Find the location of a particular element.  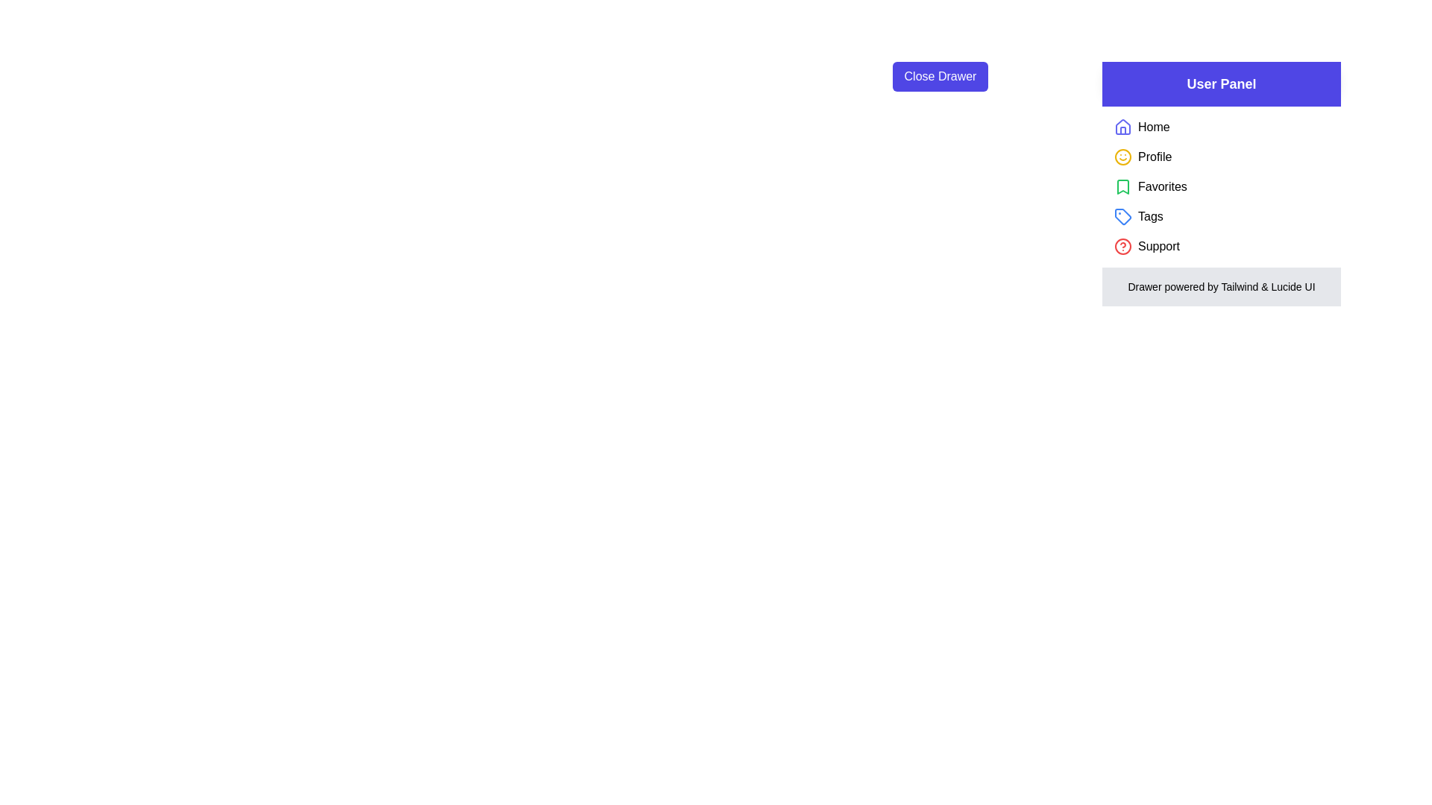

the Favorites within the drawer to examine its text and icon is located at coordinates (1123, 186).